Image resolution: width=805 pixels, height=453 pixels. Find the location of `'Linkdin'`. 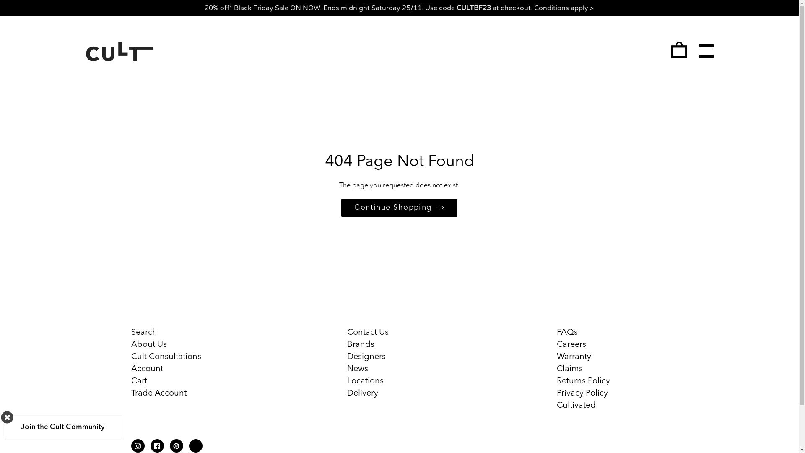

'Linkdin' is located at coordinates (195, 445).